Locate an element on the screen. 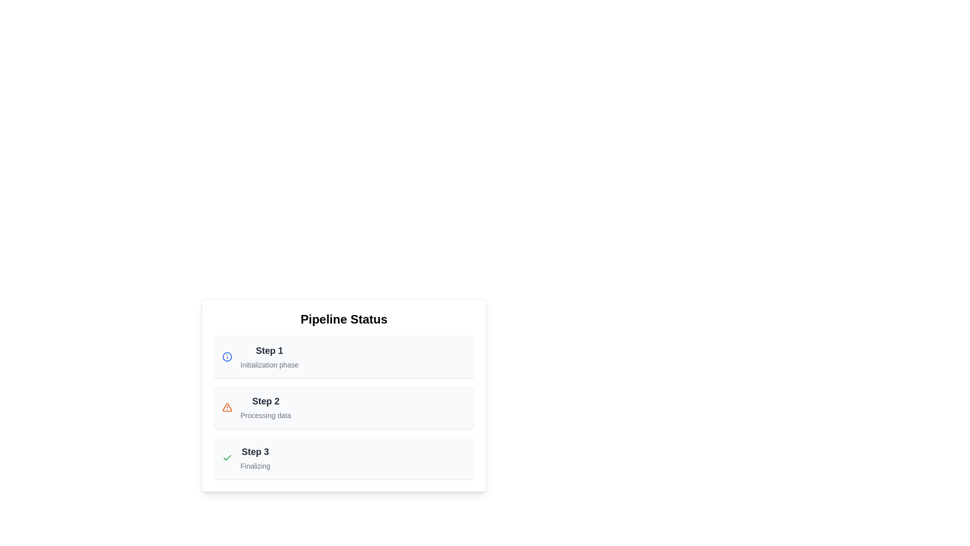 Image resolution: width=970 pixels, height=546 pixels. the static text label displaying 'Processing data', which is styled in gray and located under 'Step 2' in the pipeline status panel is located at coordinates (266, 415).